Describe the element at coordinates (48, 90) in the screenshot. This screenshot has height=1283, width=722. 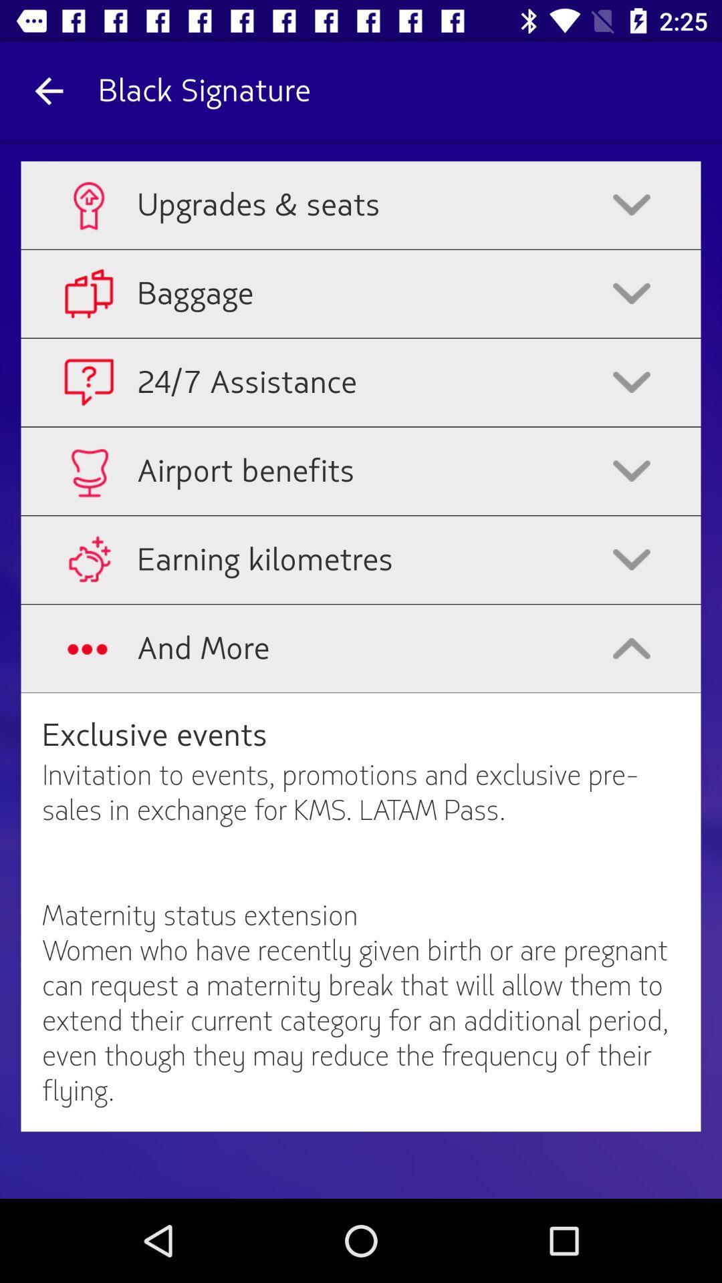
I see `the item next to the black signature icon` at that location.